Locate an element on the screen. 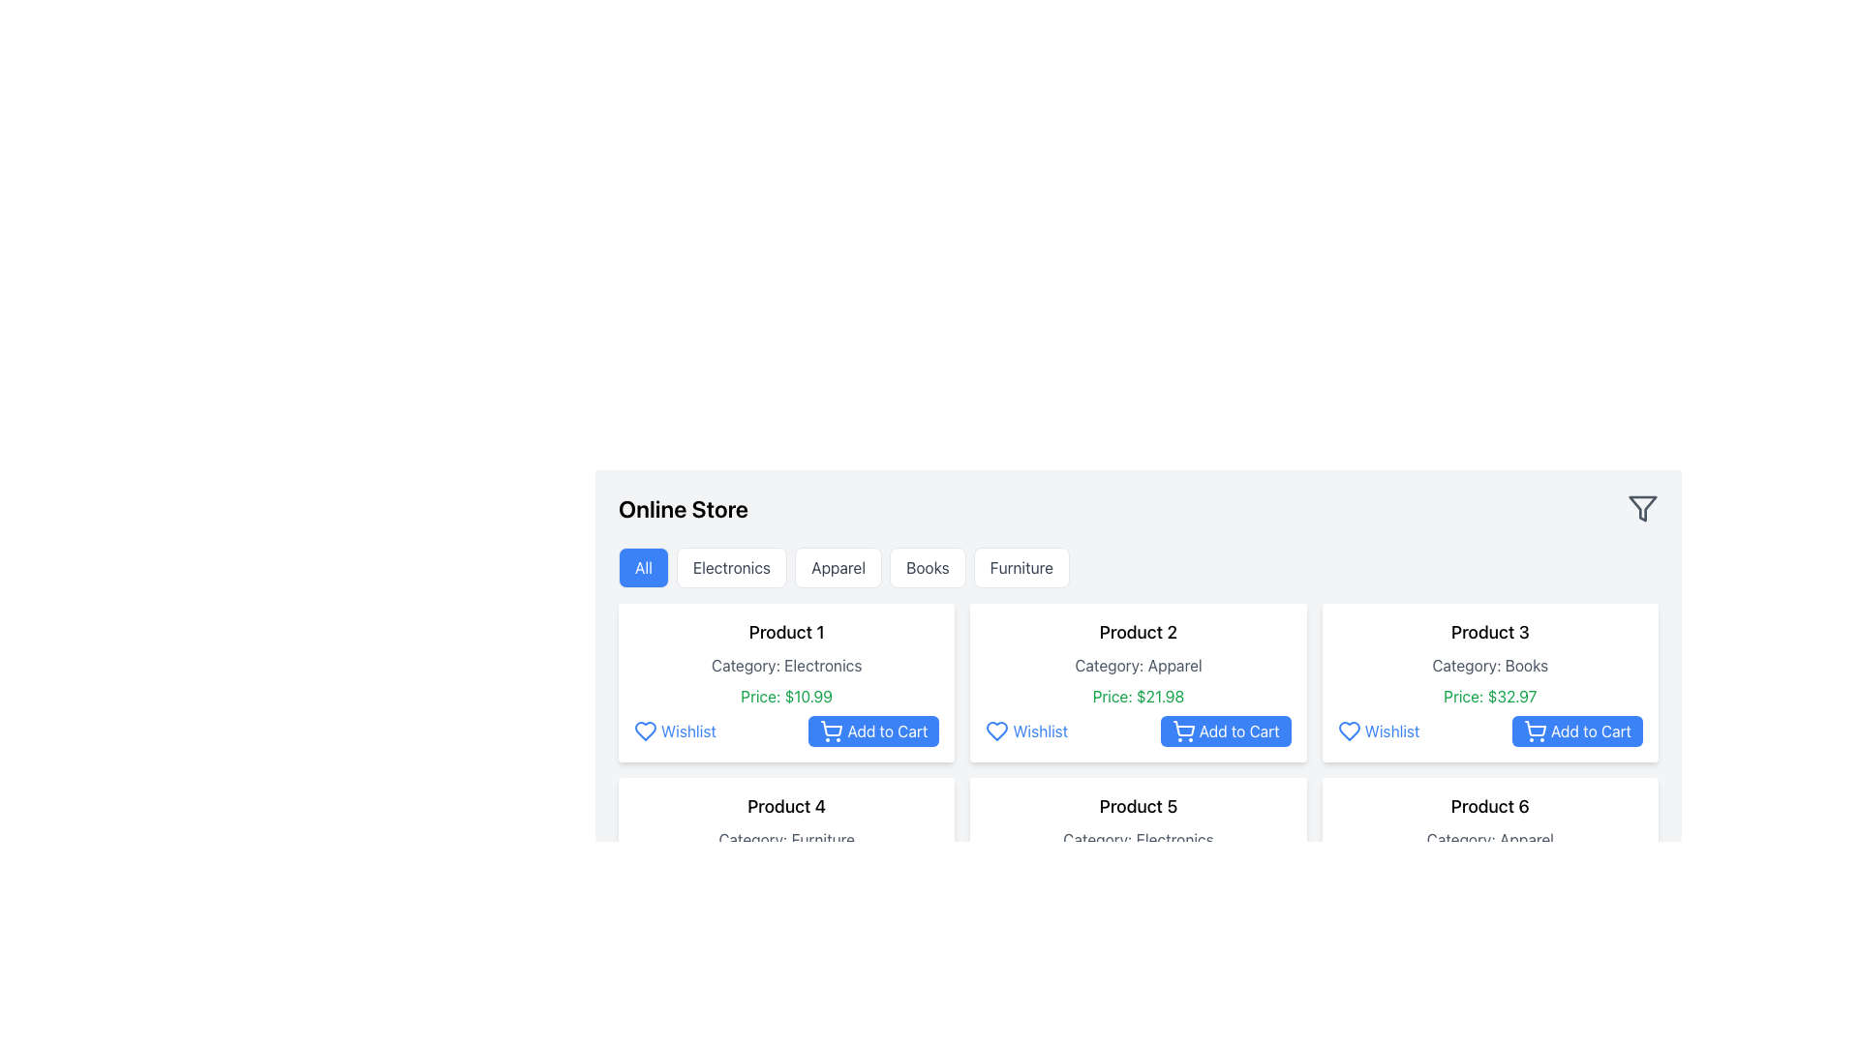  the filter icon located at the top-right corner of the interface is located at coordinates (1642, 507).